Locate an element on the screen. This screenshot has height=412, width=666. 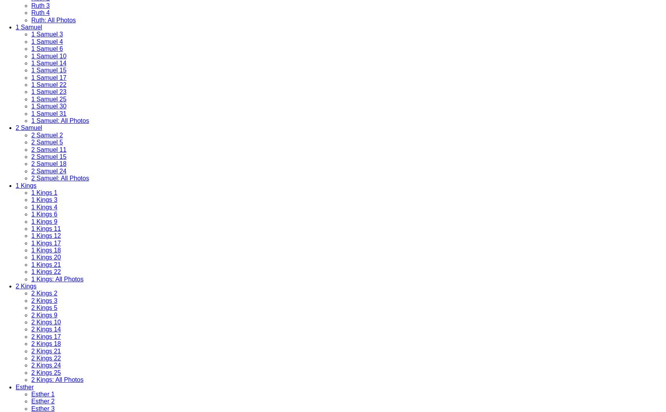
'1 Kings 9' is located at coordinates (44, 221).